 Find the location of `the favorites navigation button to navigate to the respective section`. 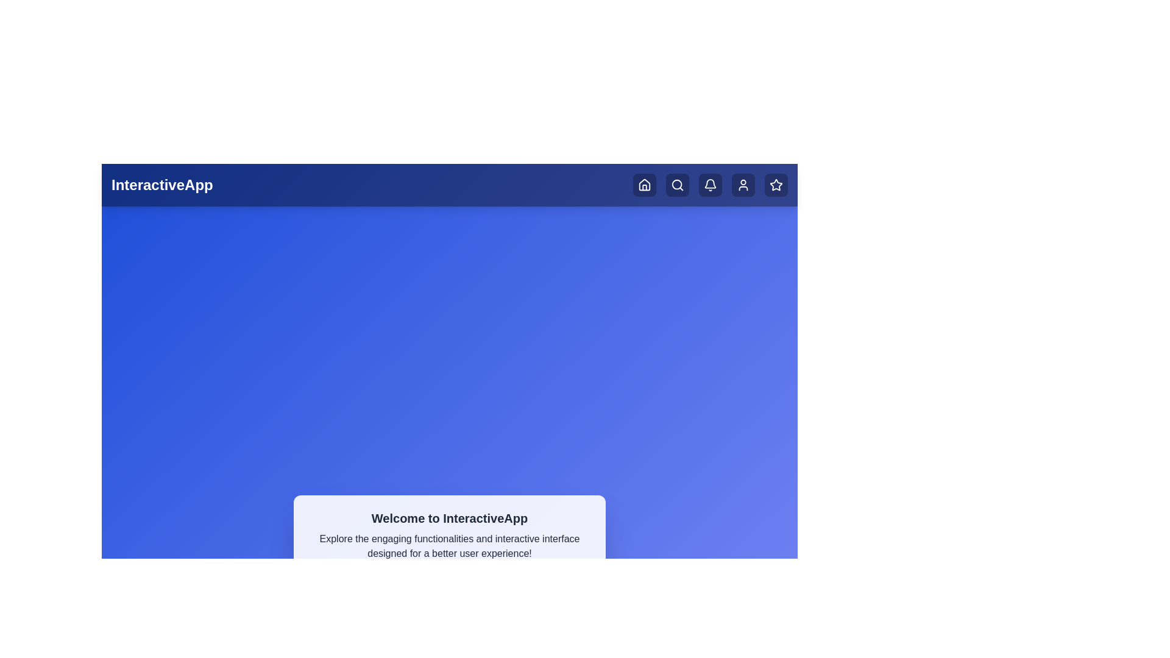

the favorites navigation button to navigate to the respective section is located at coordinates (775, 185).